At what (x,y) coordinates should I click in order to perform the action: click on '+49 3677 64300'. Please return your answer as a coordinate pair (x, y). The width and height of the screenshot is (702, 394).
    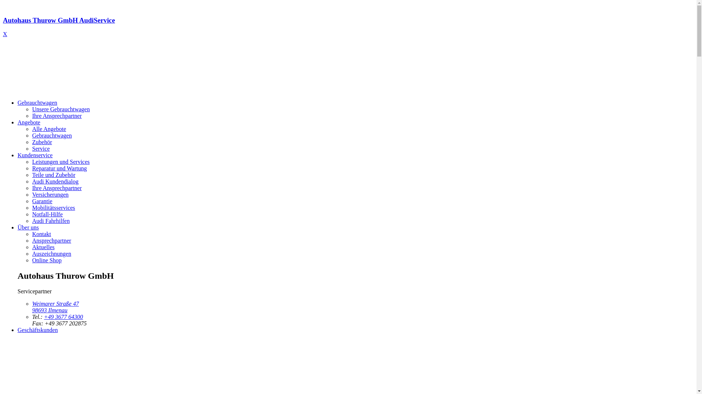
    Looking at the image, I should click on (63, 316).